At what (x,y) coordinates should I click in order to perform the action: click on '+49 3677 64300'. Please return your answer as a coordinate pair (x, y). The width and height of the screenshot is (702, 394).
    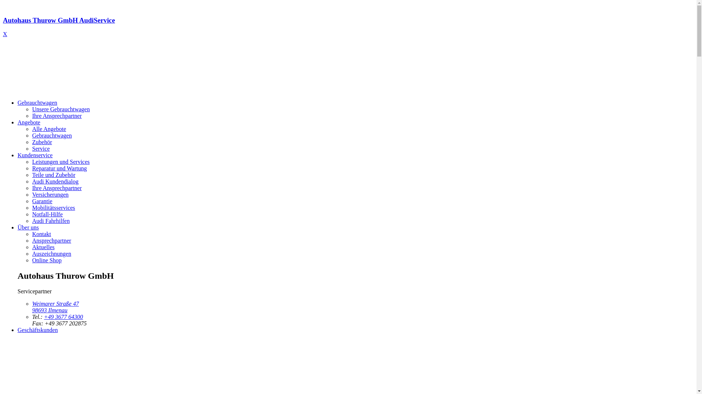
    Looking at the image, I should click on (63, 316).